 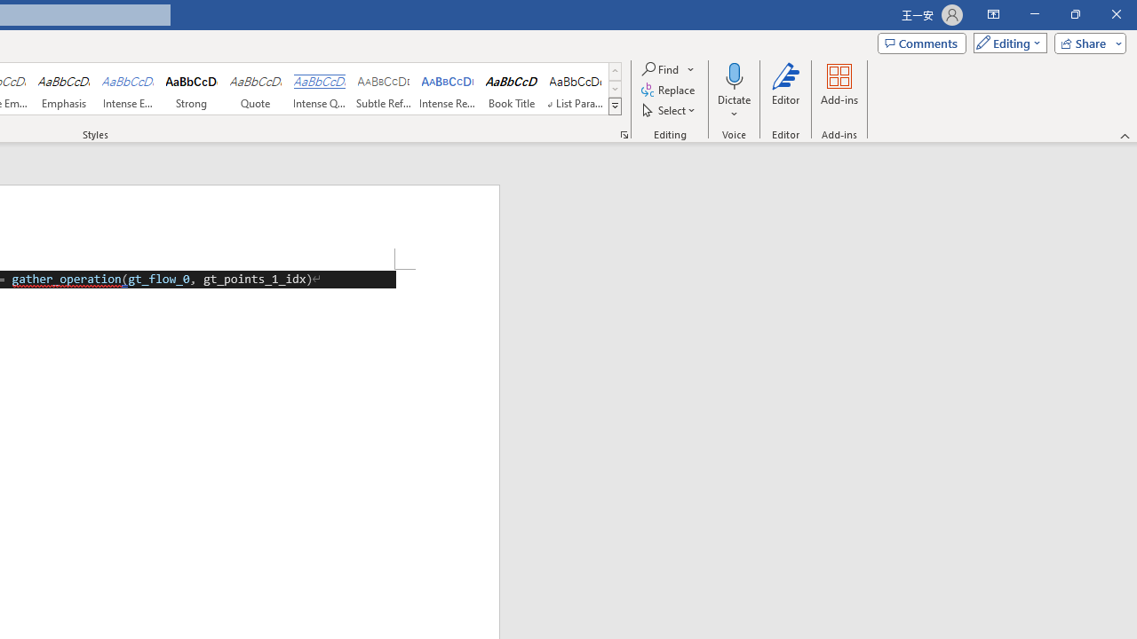 I want to click on 'Row Down', so click(x=615, y=89).